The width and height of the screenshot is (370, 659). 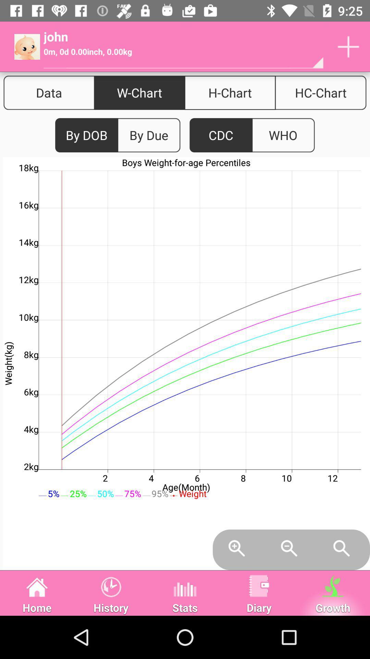 I want to click on by due icon, so click(x=148, y=135).